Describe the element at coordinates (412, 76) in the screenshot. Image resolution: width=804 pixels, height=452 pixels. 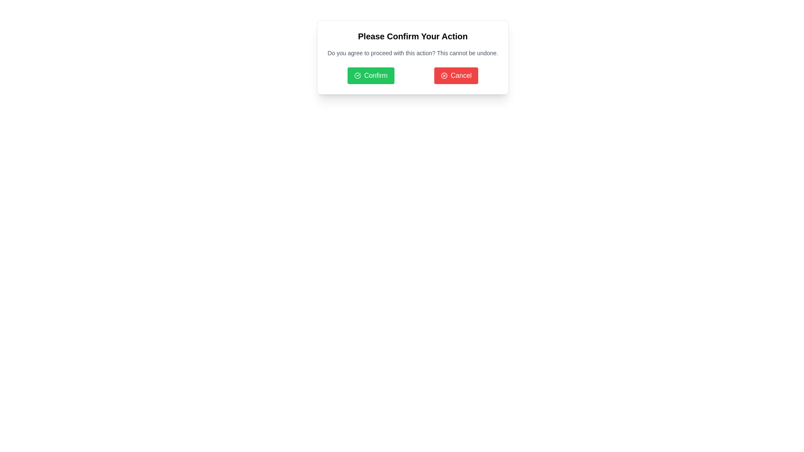
I see `the 'Cancel' button in the Button Group to abort the user's action in the dialog box` at that location.